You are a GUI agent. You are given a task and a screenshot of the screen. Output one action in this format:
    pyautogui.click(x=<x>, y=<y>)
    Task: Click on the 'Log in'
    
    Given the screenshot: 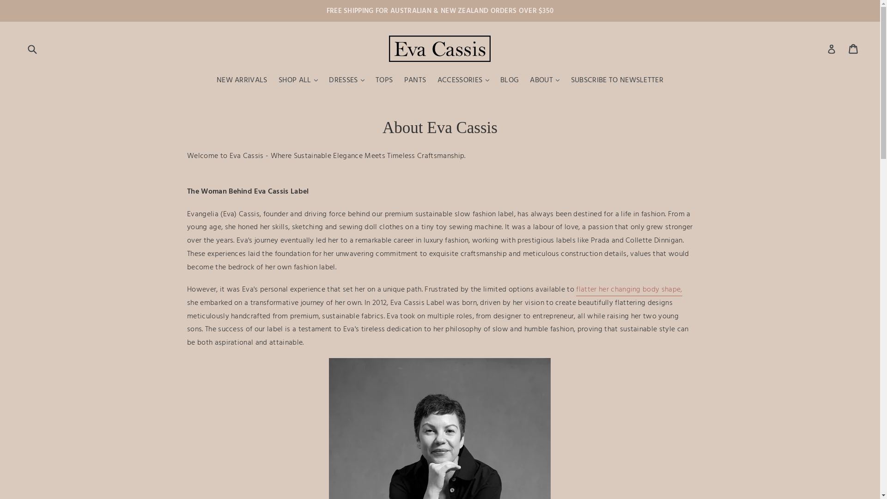 What is the action you would take?
    pyautogui.click(x=832, y=49)
    